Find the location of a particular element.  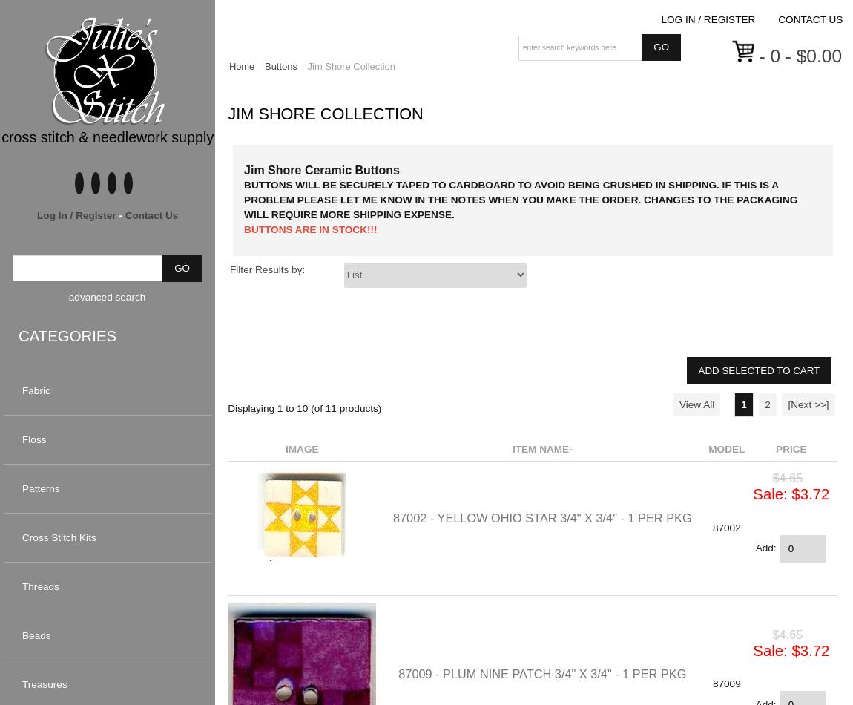

'Displaying' is located at coordinates (252, 407).